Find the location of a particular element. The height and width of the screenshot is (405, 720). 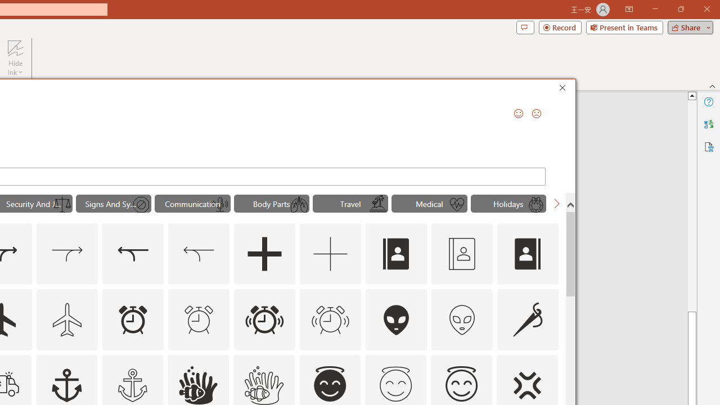

'AutomationID: Icons_TropicalScene_M' is located at coordinates (378, 205).